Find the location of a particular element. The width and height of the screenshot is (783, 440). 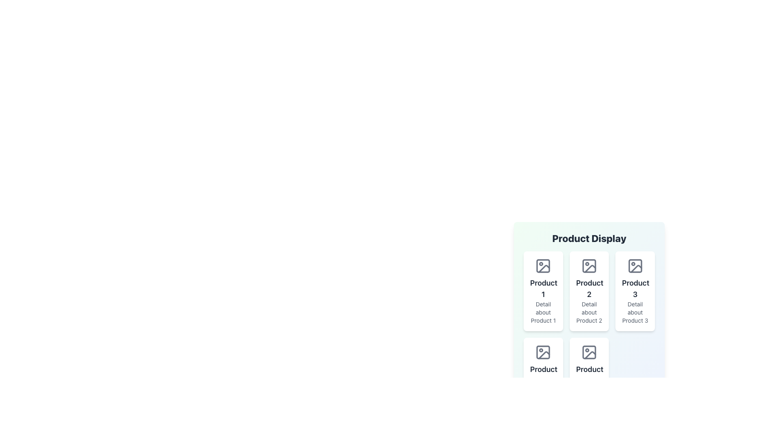

the Card element containing 'Product 3' with a white background, rounded corners, and an icon at the top is located at coordinates (635, 290).